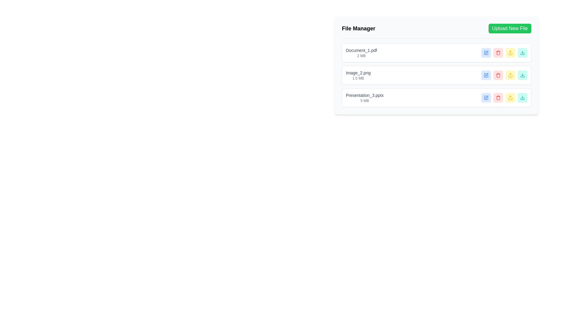 This screenshot has width=583, height=328. Describe the element at coordinates (486, 97) in the screenshot. I see `the Edit button located in the right side button group next to the file entry 'Presentation_3.pptx' to initiate edit mode` at that location.